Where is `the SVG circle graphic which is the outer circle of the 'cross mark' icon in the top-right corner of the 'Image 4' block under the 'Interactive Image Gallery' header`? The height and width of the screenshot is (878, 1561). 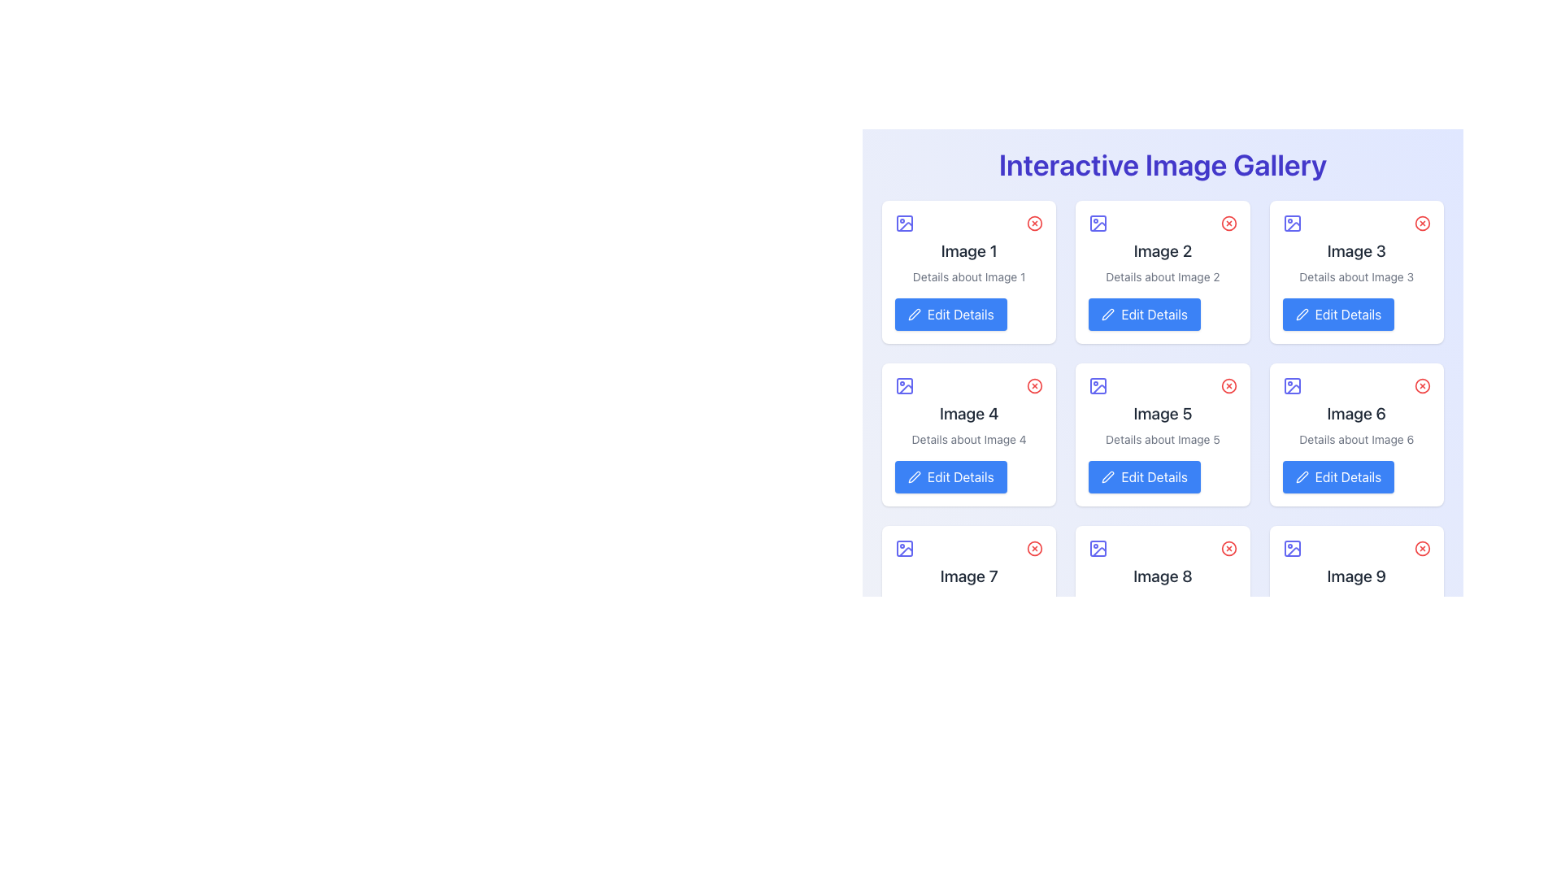
the SVG circle graphic which is the outer circle of the 'cross mark' icon in the top-right corner of the 'Image 4' block under the 'Interactive Image Gallery' header is located at coordinates (1034, 385).